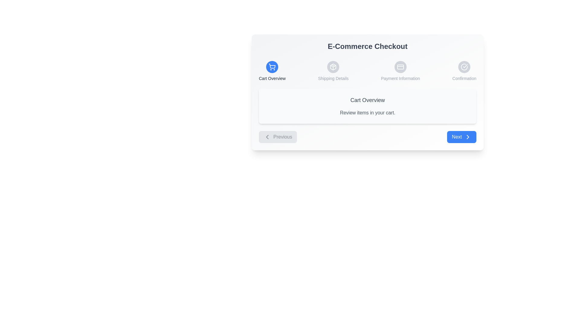  Describe the element at coordinates (333, 71) in the screenshot. I see `the 'Shipping Details' step indicator icon` at that location.